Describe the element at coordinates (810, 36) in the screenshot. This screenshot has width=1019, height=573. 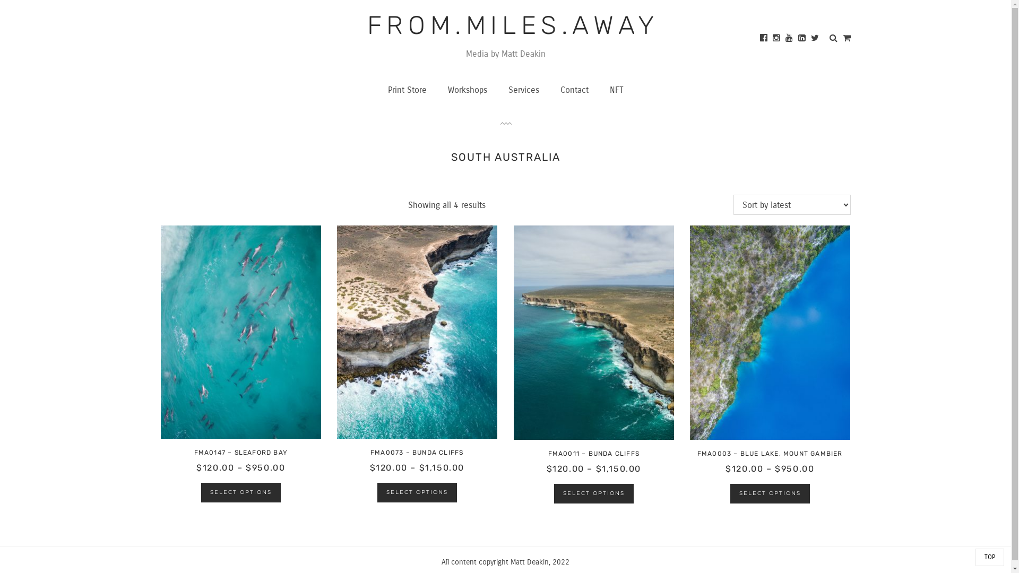
I see `'Twitter'` at that location.